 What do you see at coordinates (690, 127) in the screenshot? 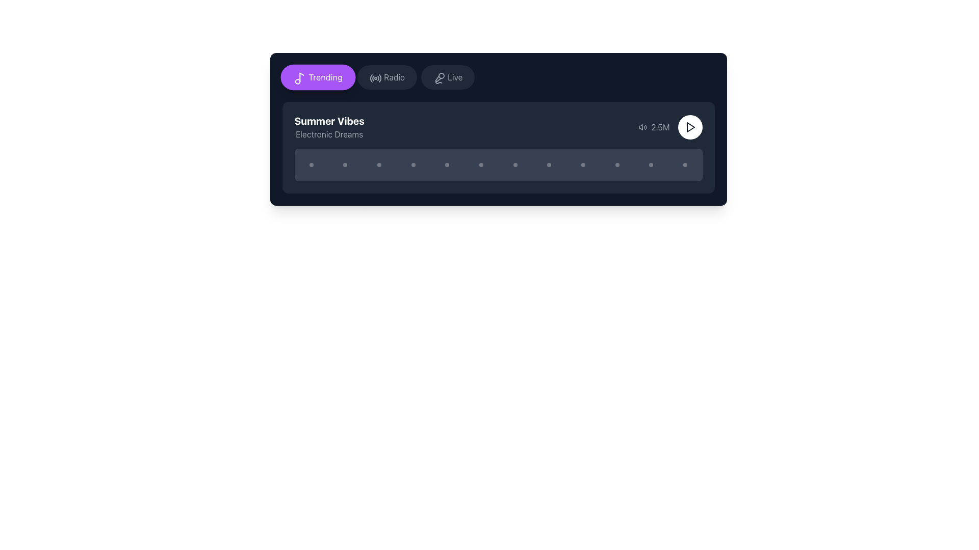
I see `the triangular play icon within the circular white button located at the far right edge of the media information component` at bounding box center [690, 127].